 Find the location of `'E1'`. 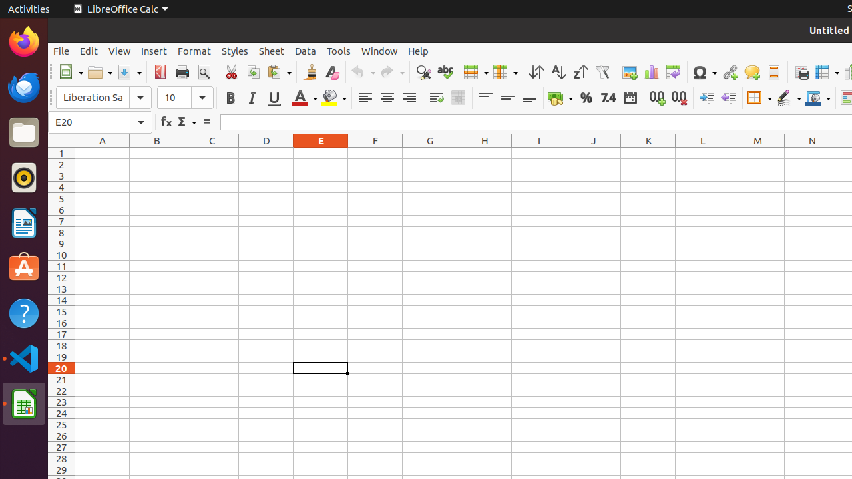

'E1' is located at coordinates (321, 152).